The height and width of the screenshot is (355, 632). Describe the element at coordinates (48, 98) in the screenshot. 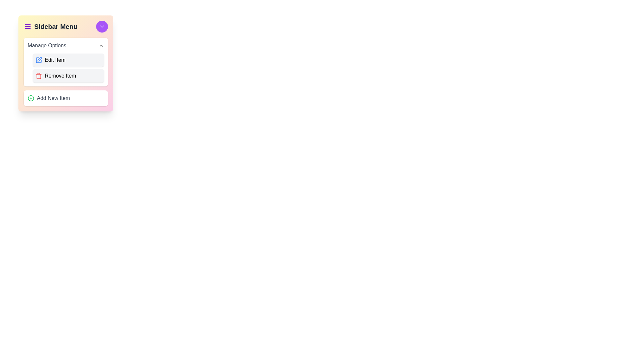

I see `the 'Add New Item' button, which features a green circular plus icon and is located at the bottom of the panel under the 'Remove Item' button` at that location.